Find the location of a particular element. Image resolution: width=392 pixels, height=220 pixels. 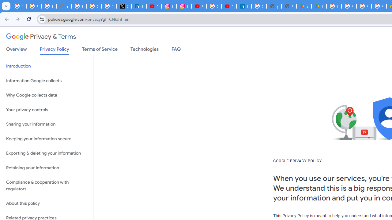

'Google Workspace - Specific Terms' is located at coordinates (379, 6).